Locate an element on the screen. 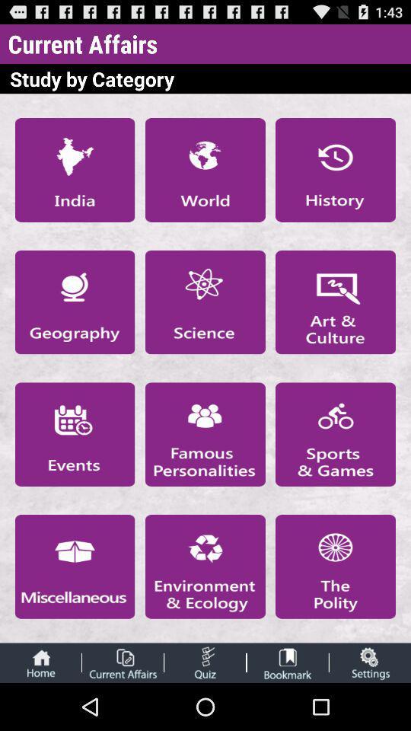 The width and height of the screenshot is (411, 731). current affairs button is located at coordinates (122, 662).